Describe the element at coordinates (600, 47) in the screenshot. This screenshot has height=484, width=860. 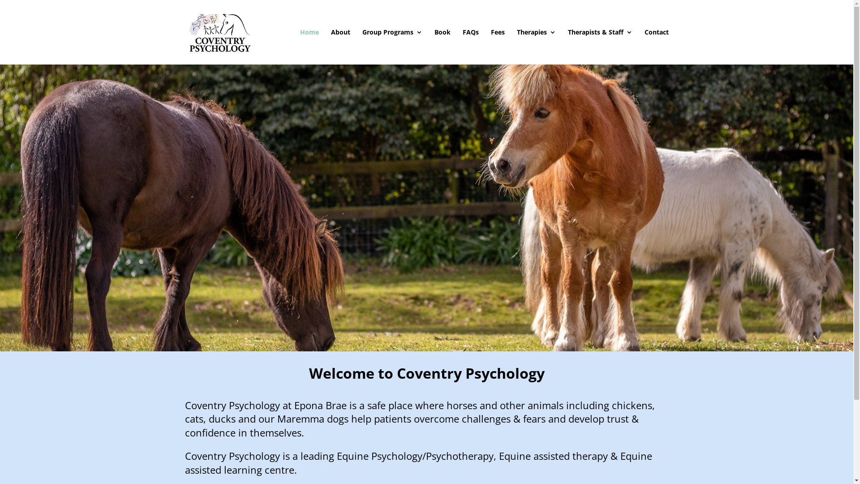
I see `'Therapists & Staff'` at that location.